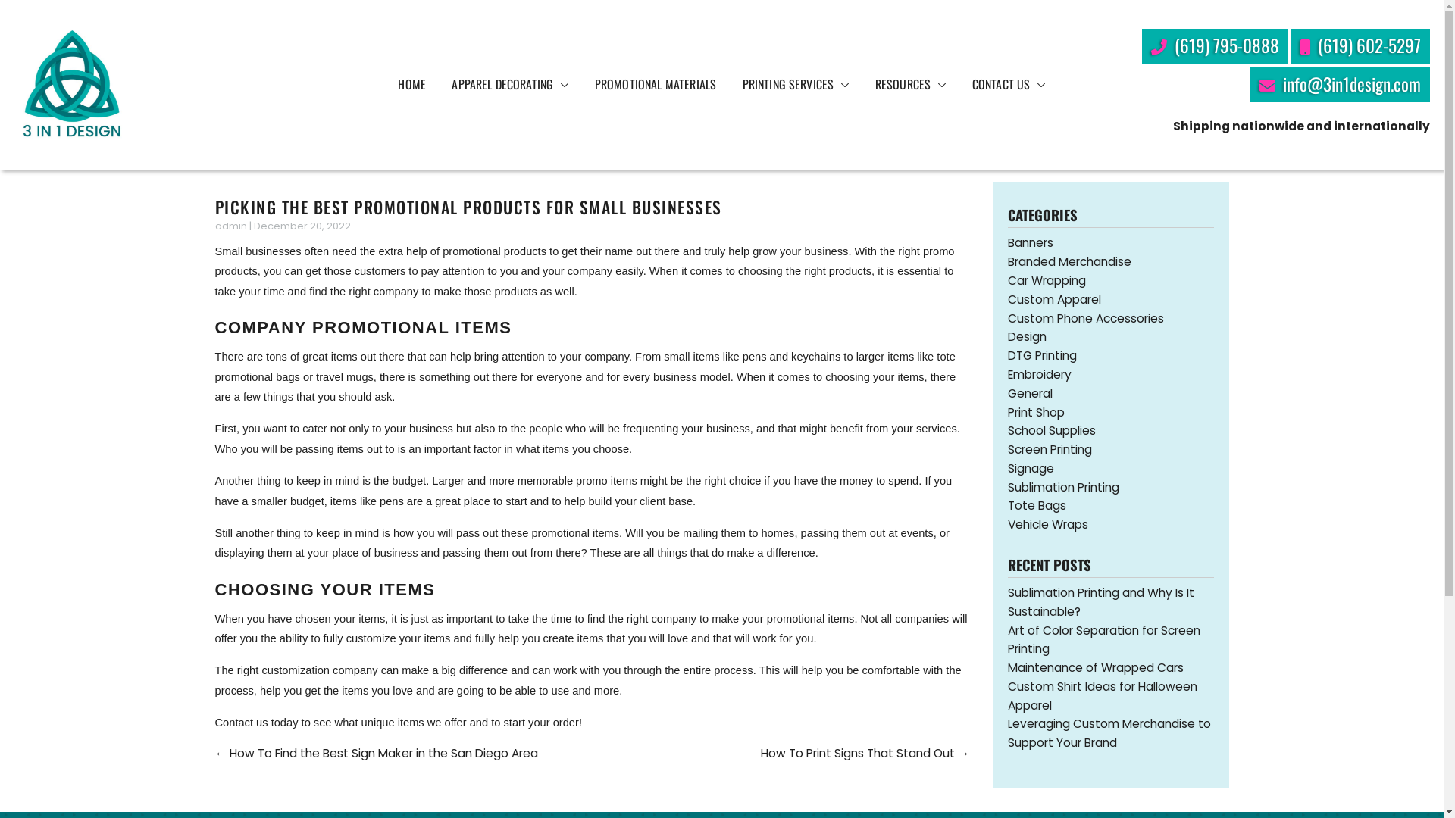  I want to click on 'Custom Phone Accessories', so click(1085, 317).